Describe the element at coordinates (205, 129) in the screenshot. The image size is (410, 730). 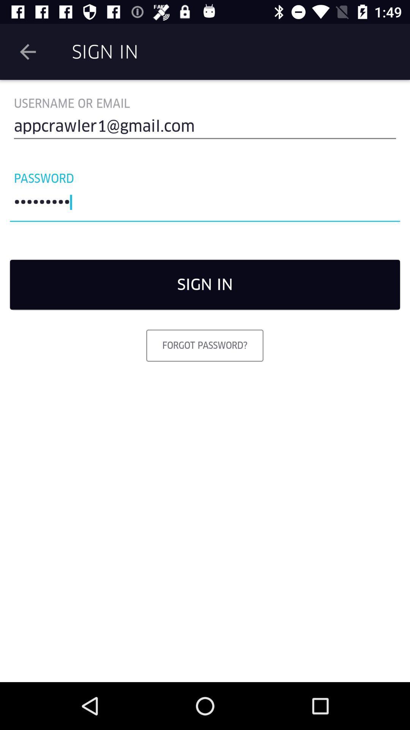
I see `the icon below the username or email icon` at that location.